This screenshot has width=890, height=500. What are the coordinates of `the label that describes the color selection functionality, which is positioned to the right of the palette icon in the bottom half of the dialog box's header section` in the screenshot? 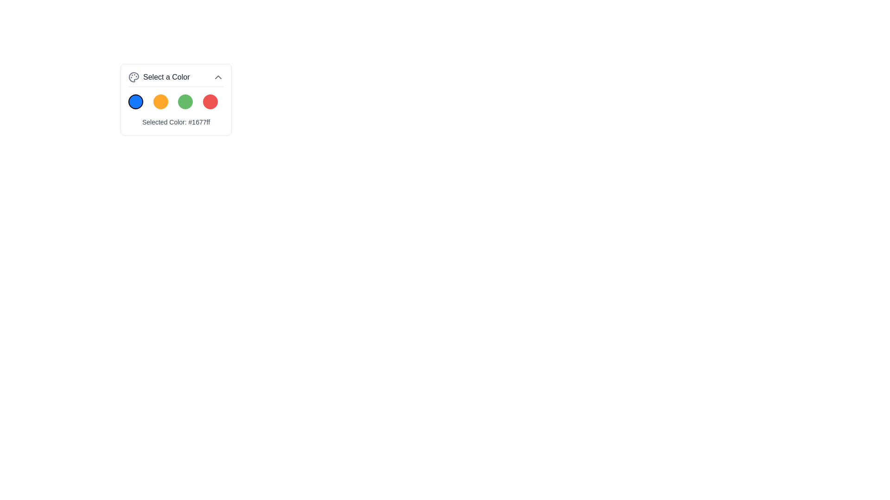 It's located at (166, 76).